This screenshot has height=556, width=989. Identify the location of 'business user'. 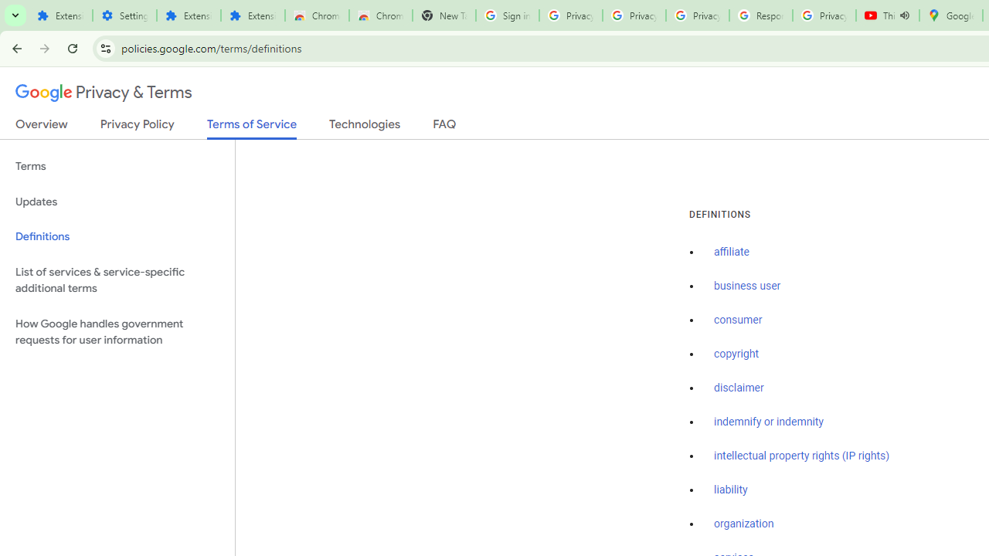
(747, 286).